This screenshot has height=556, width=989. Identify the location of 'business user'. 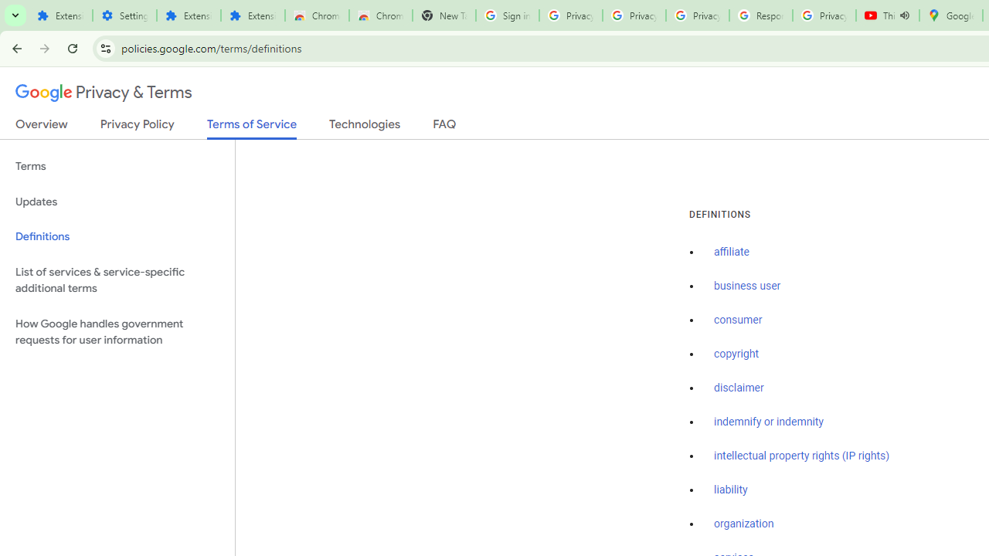
(747, 286).